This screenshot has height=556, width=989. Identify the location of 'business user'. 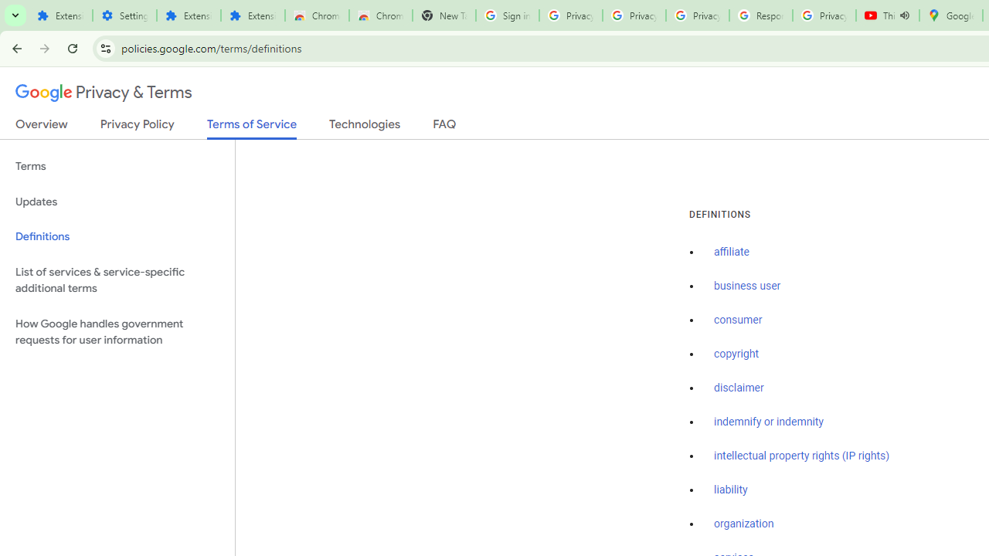
(747, 286).